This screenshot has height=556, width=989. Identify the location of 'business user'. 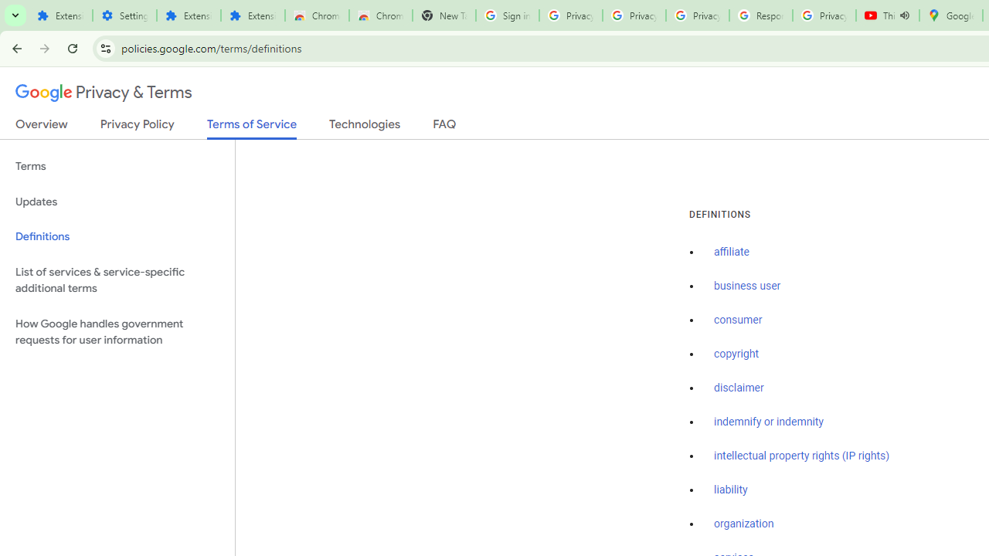
(747, 286).